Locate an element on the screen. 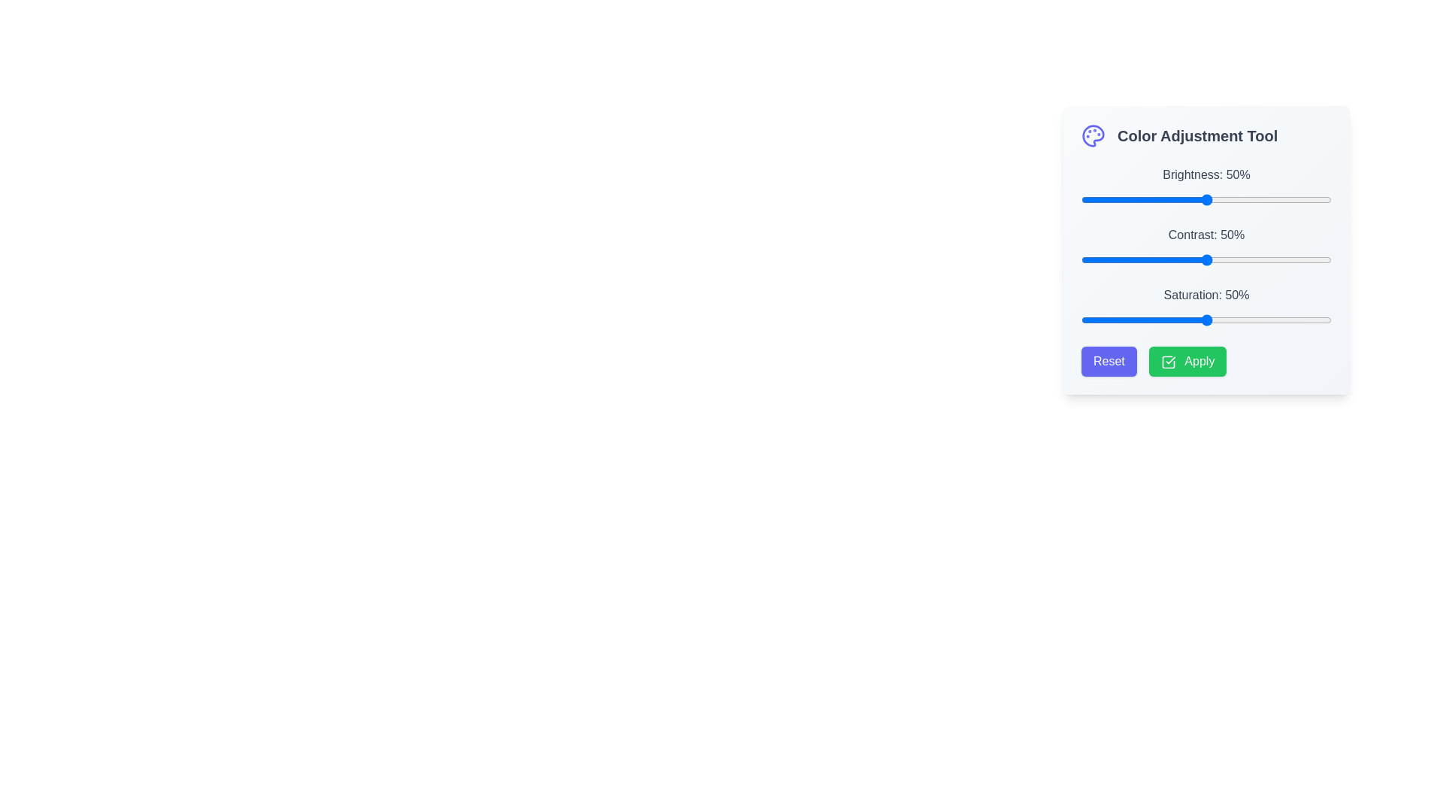  saturation is located at coordinates (1216, 319).